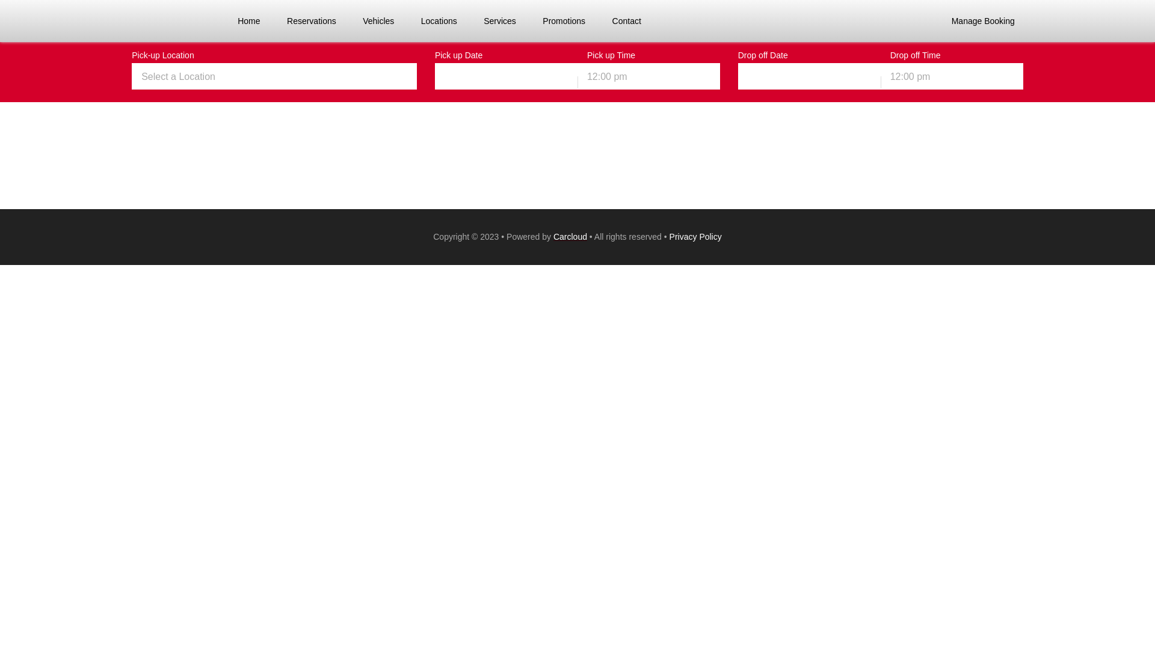  I want to click on 'Home', so click(232, 20).